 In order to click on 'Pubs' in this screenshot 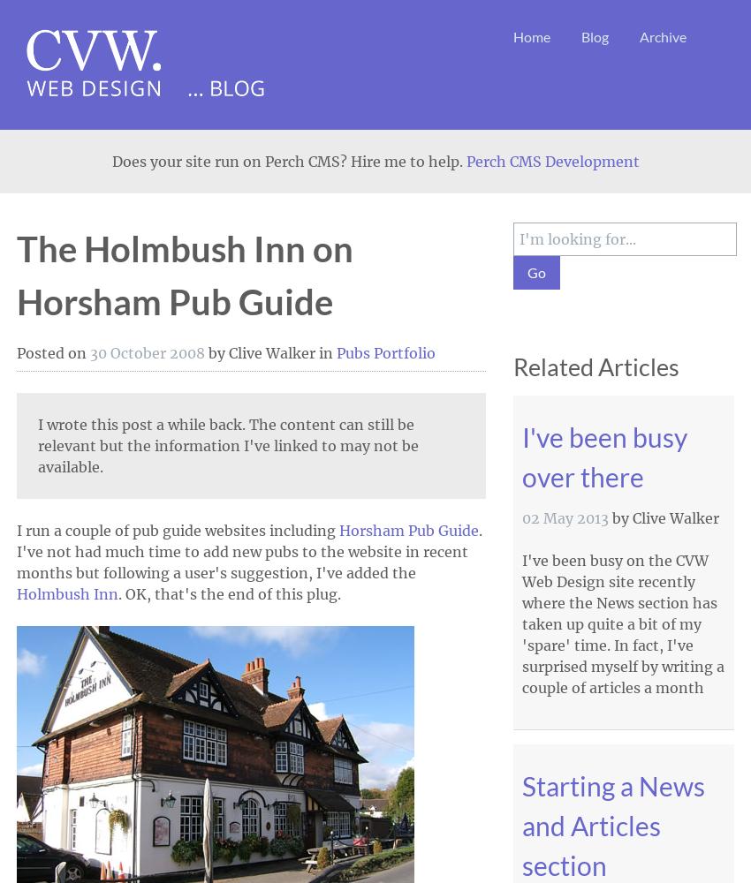, I will do `click(354, 353)`.